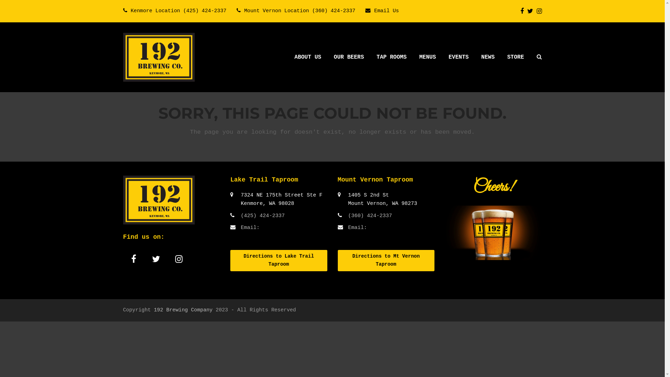  I want to click on 'EVENTS', so click(459, 57).